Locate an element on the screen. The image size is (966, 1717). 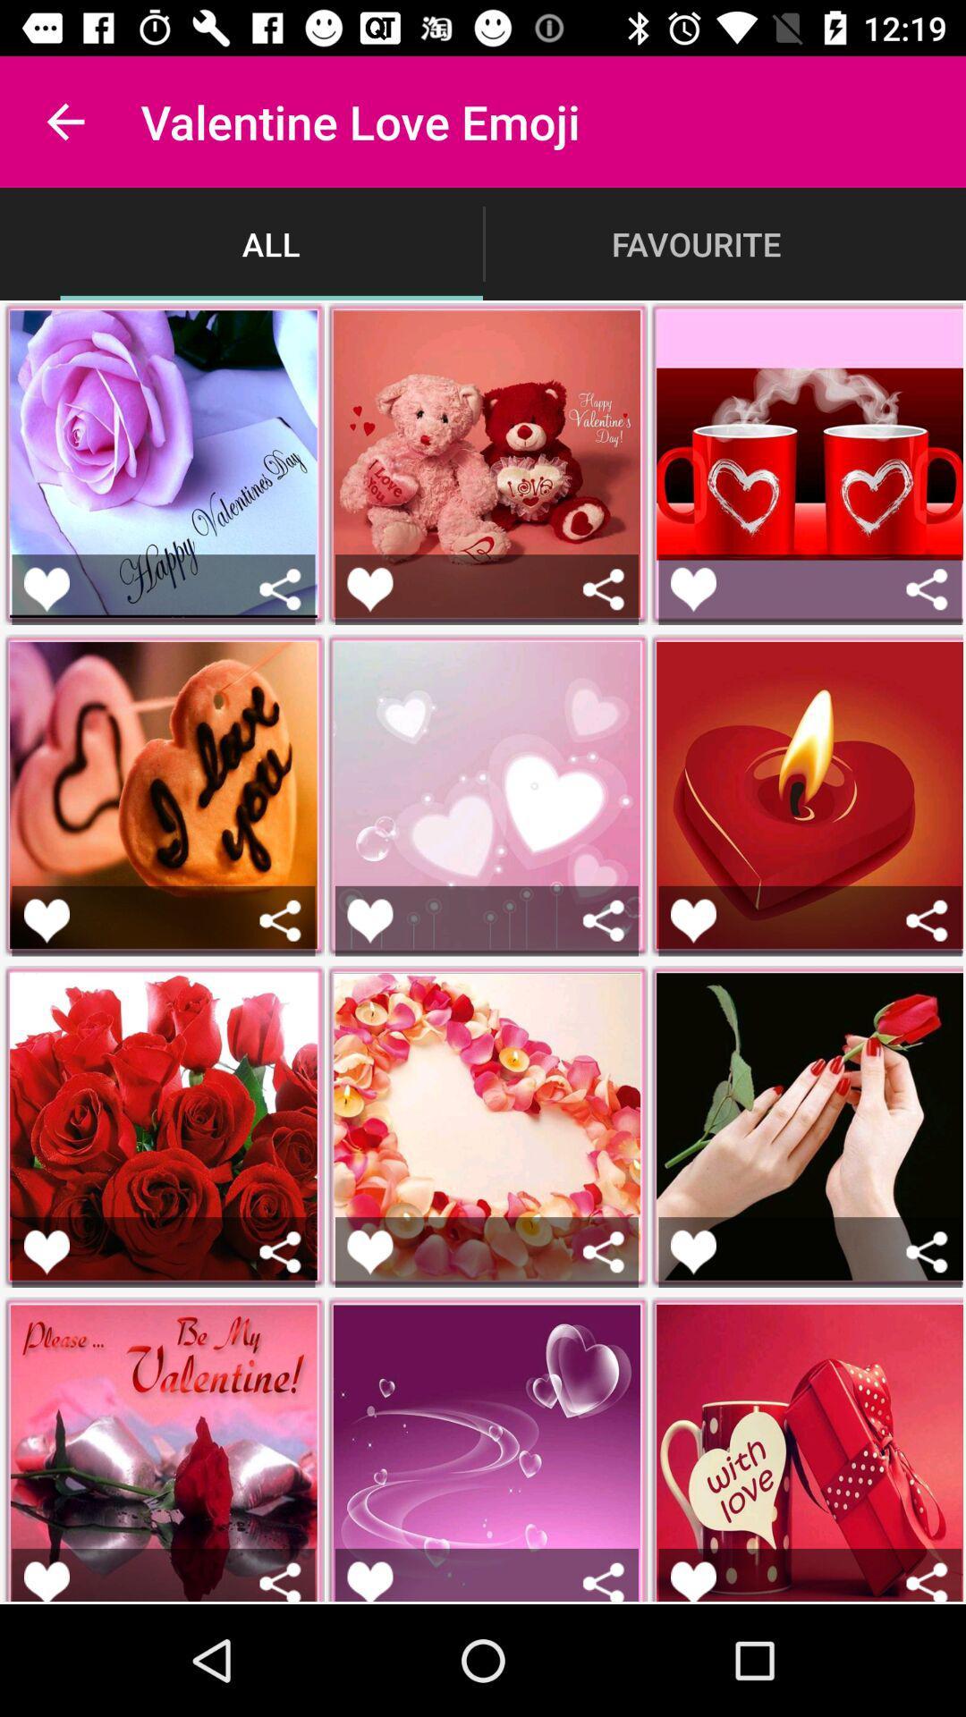
share the article is located at coordinates (46, 920).